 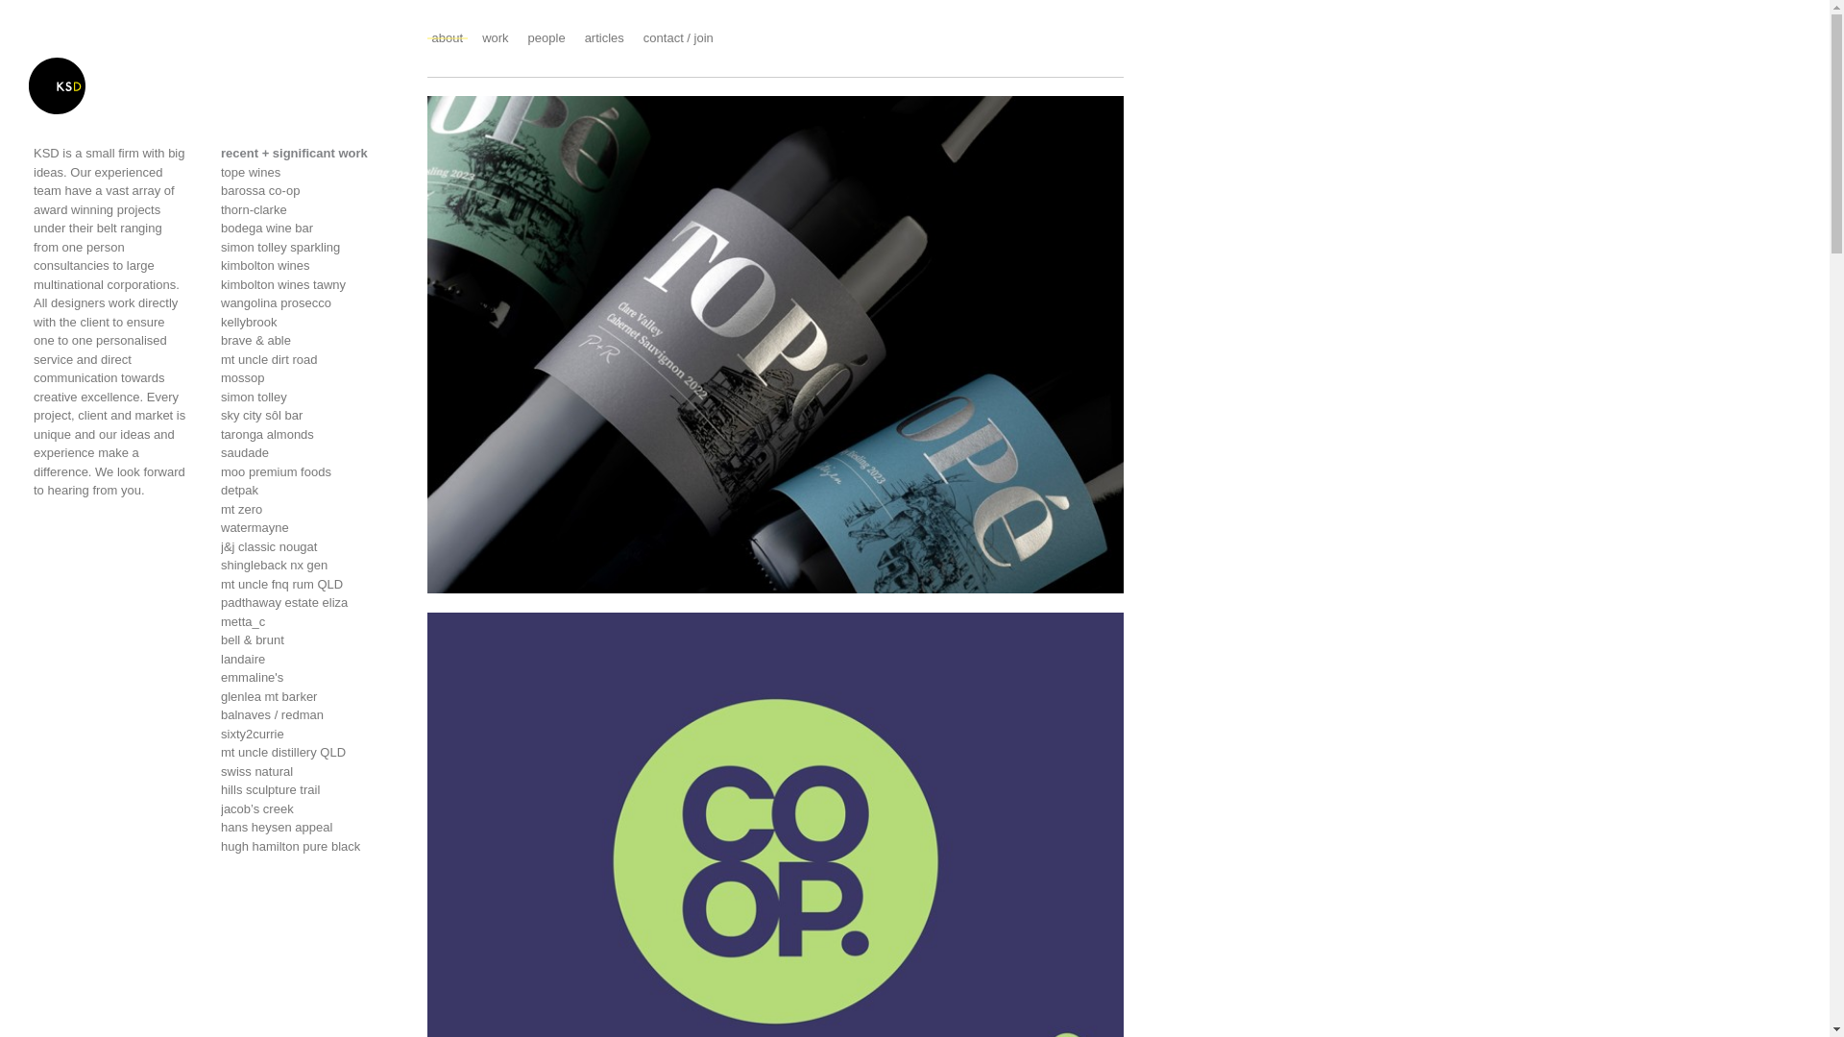 I want to click on 'kimbolton wines tawny', so click(x=307, y=284).